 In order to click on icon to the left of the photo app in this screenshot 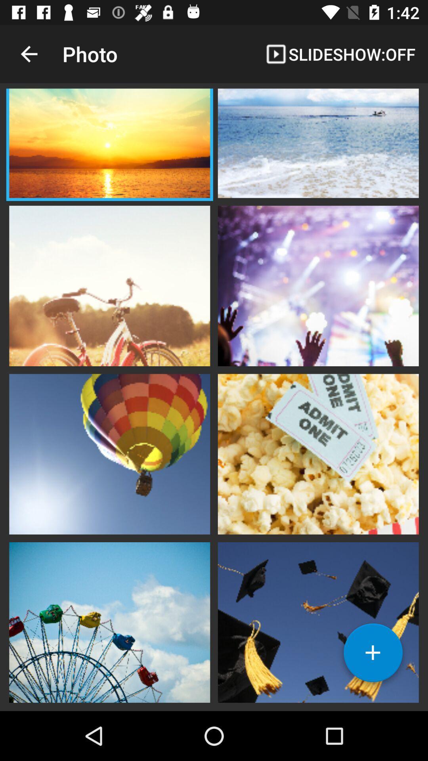, I will do `click(29, 54)`.